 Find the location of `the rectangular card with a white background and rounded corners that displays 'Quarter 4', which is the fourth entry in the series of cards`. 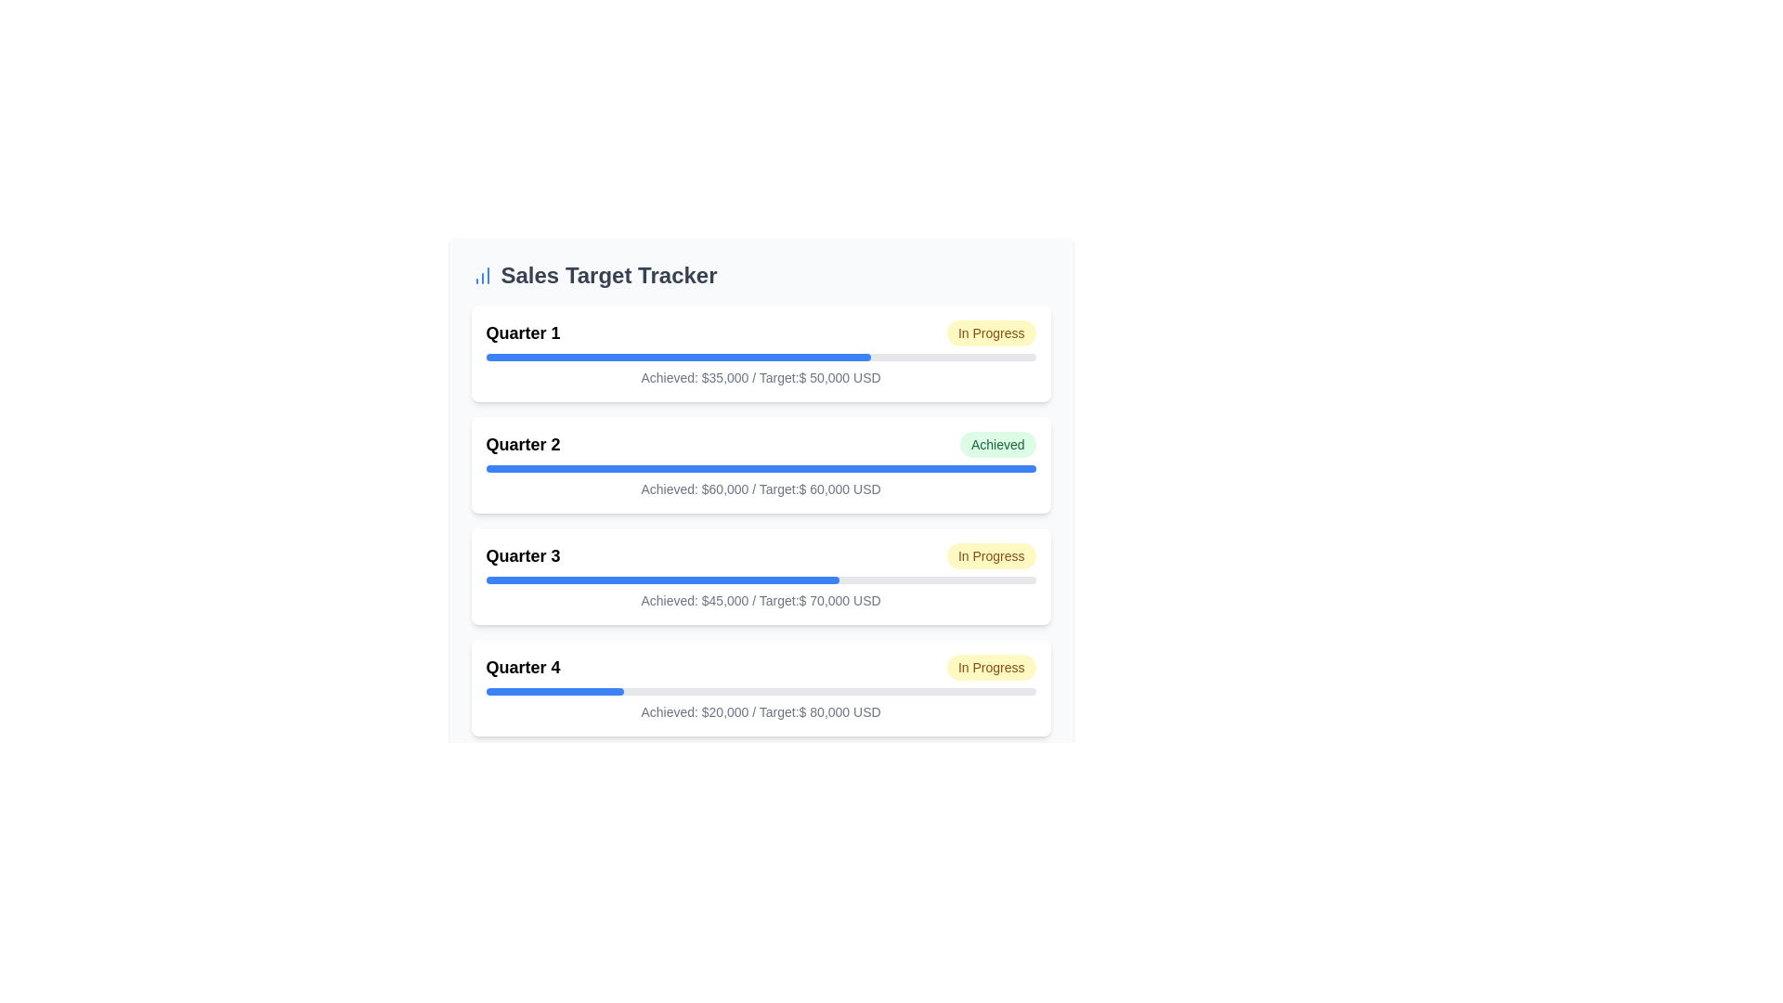

the rectangular card with a white background and rounded corners that displays 'Quarter 4', which is the fourth entry in the series of cards is located at coordinates (761, 687).